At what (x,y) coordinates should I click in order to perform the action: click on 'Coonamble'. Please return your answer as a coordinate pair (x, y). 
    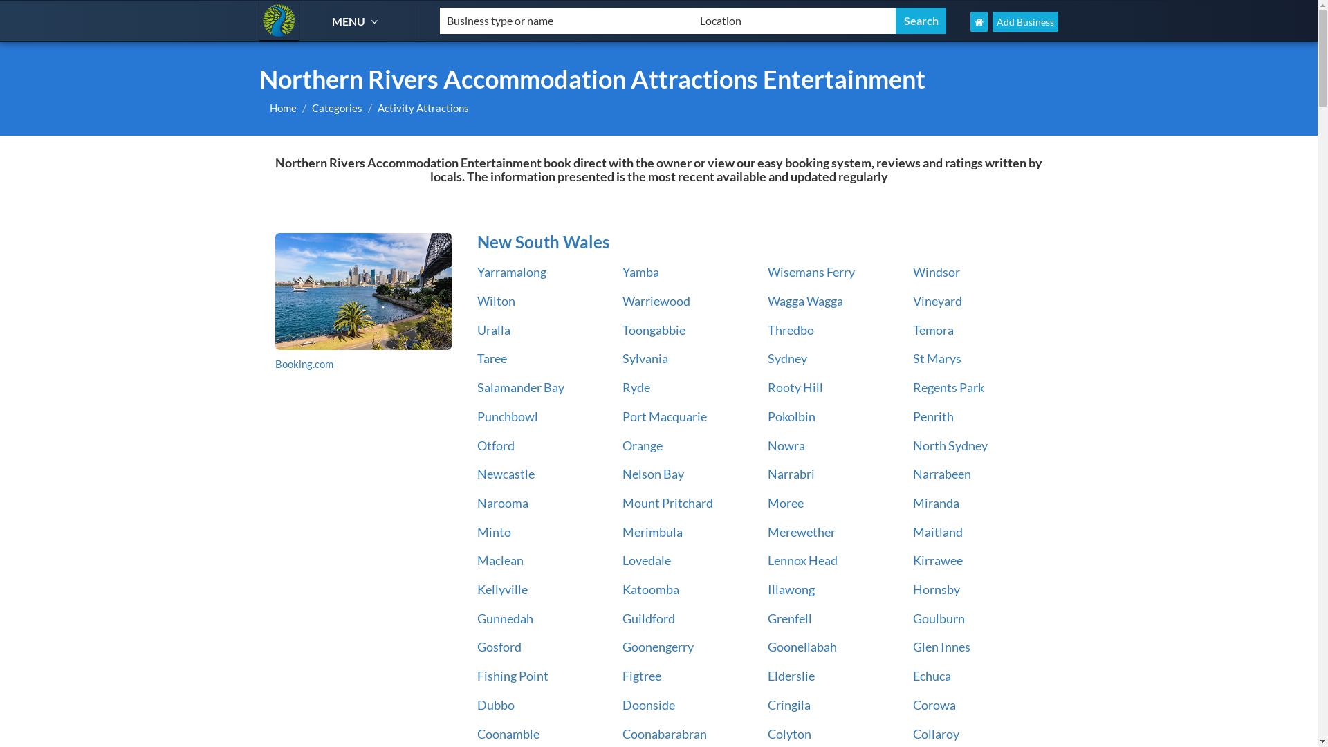
    Looking at the image, I should click on (507, 732).